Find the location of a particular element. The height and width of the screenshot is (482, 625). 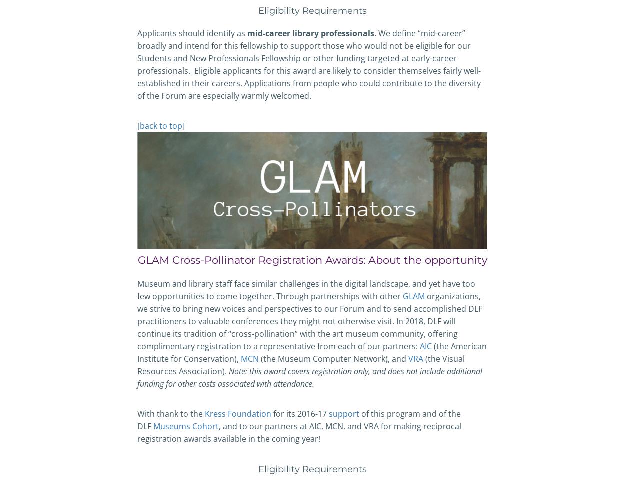

'organizations, we strive to bring new voices and perspectives to our Forum and to send accomplished DLF practitioners to valuable conferences they might not otherwise visit. In 2018, DLF will continue its tradition of “cross-pollination” with the art museum community, offering complimentary registration to a representative from each of our partners:' is located at coordinates (309, 321).